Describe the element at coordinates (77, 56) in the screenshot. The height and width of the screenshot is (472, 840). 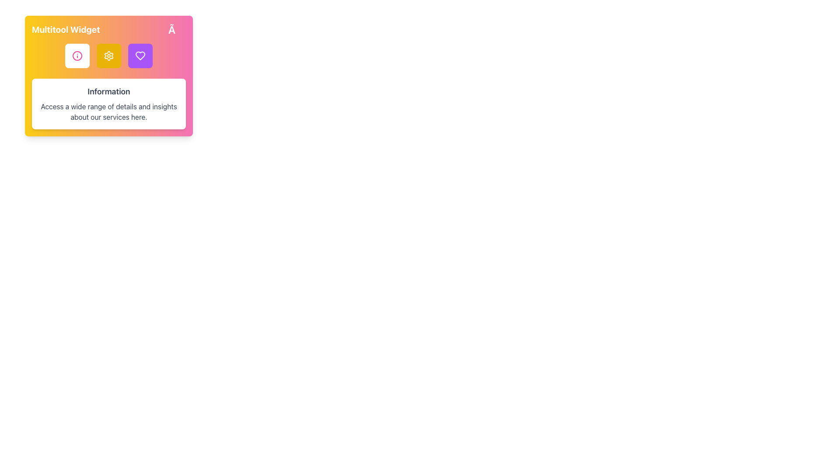
I see `the leftmost circular icon in the row of interactive icons within the 'Multitool Widget'` at that location.